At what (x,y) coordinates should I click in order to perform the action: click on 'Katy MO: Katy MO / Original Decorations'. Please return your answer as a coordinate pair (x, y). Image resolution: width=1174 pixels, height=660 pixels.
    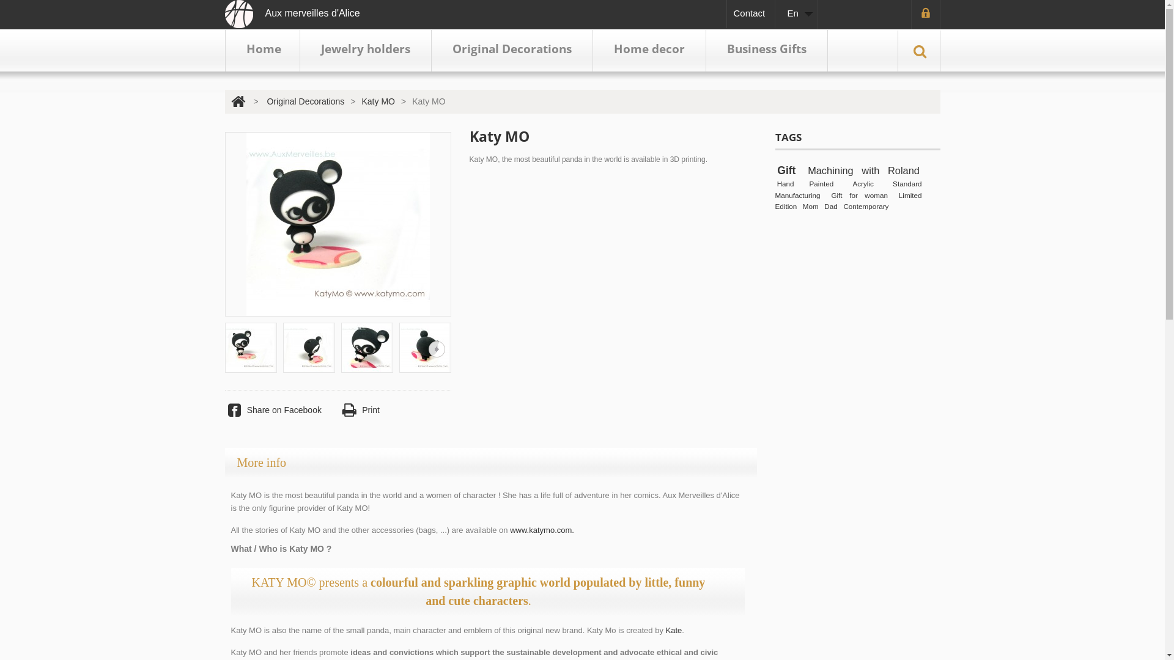
    Looking at the image, I should click on (308, 348).